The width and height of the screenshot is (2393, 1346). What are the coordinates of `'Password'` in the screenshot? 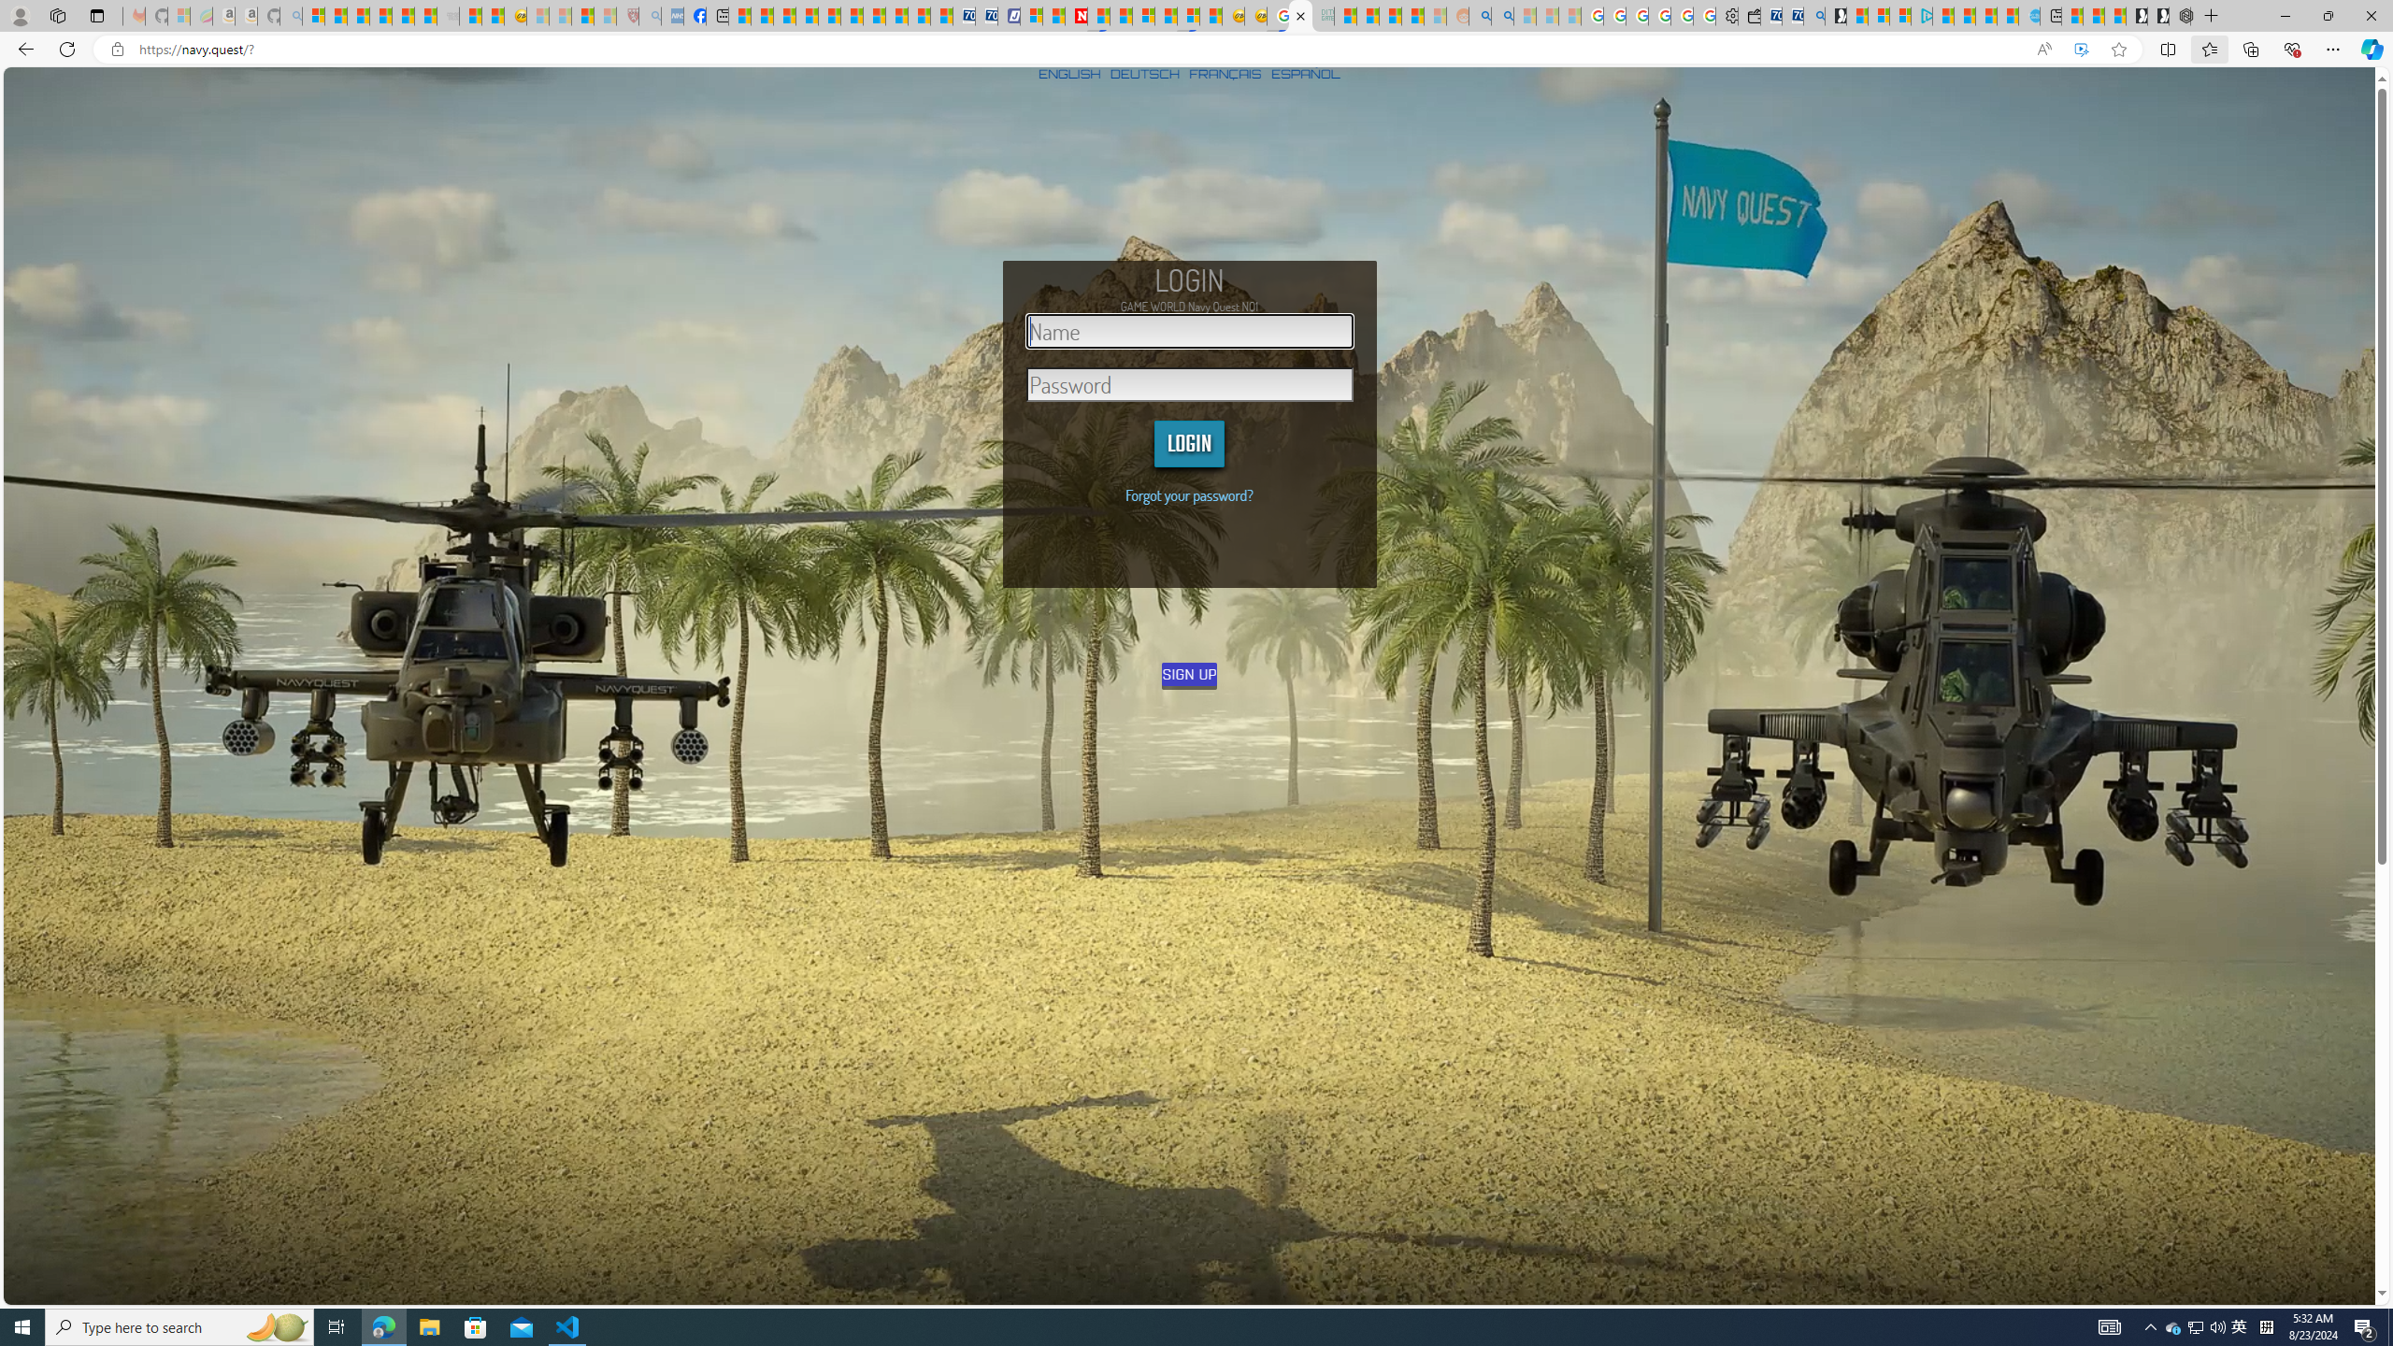 It's located at (1189, 383).